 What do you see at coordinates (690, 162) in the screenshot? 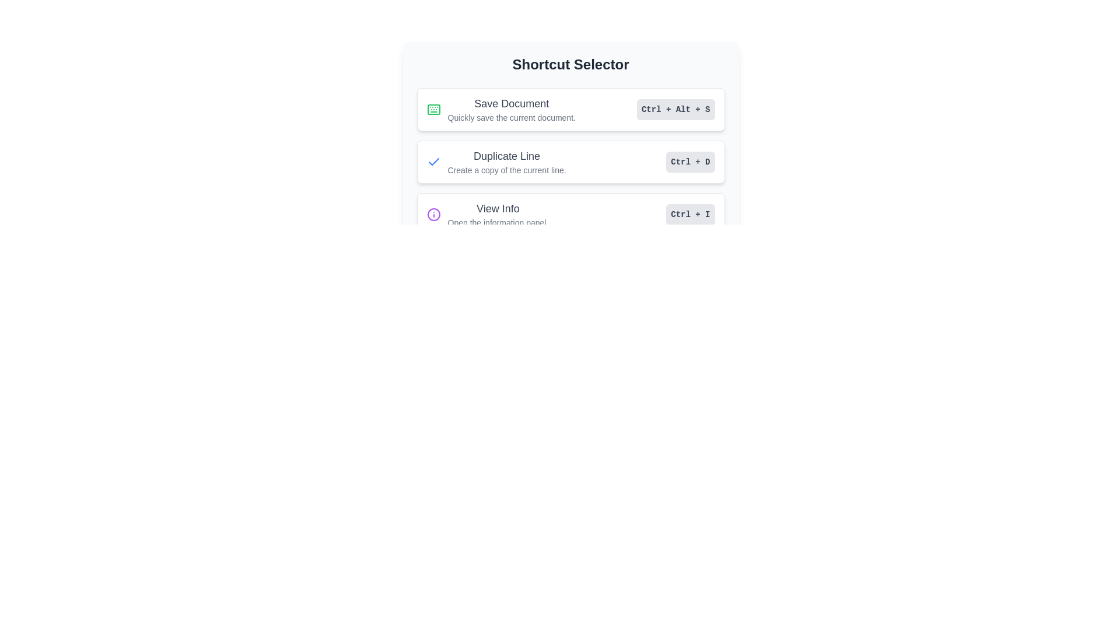
I see `the 'Ctrl + D' text label within the shortcut key indicator box located on the right side of the 'Duplicate Line' option in the Shortcut Selector menu` at bounding box center [690, 162].